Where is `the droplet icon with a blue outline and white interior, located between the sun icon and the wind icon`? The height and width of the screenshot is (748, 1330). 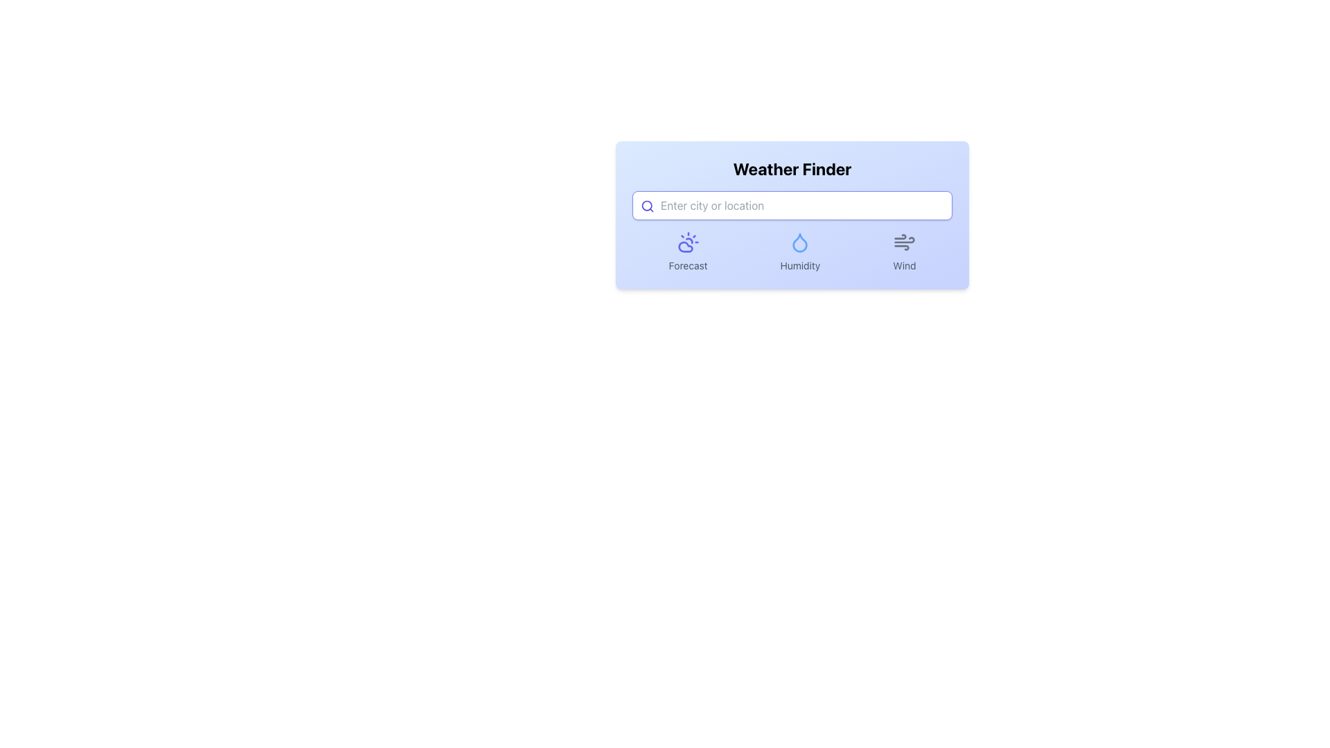
the droplet icon with a blue outline and white interior, located between the sun icon and the wind icon is located at coordinates (800, 242).